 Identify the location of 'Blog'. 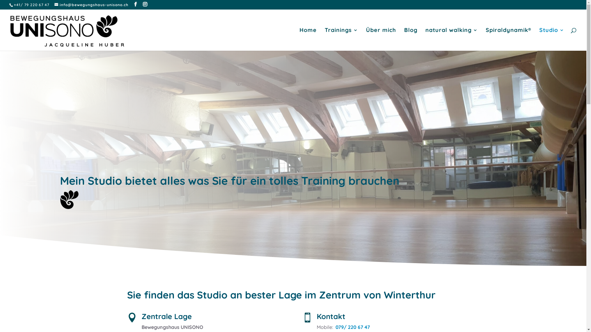
(411, 39).